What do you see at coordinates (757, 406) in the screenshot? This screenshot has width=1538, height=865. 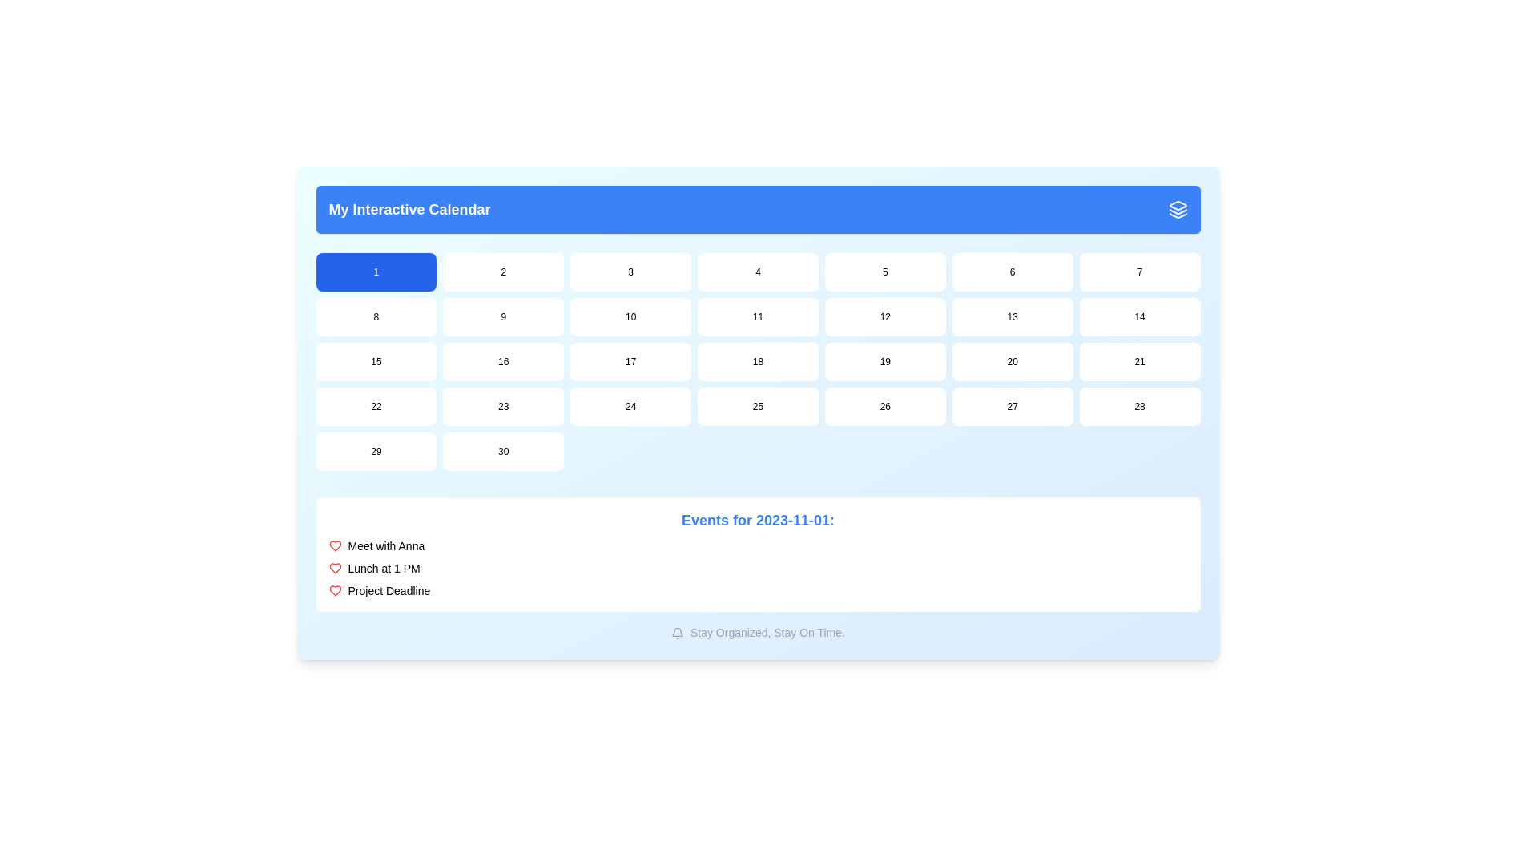 I see `the rounded rectangular button displaying the text '25' with a white background located in the fifth row and fourth column of the calendar grid` at bounding box center [757, 406].